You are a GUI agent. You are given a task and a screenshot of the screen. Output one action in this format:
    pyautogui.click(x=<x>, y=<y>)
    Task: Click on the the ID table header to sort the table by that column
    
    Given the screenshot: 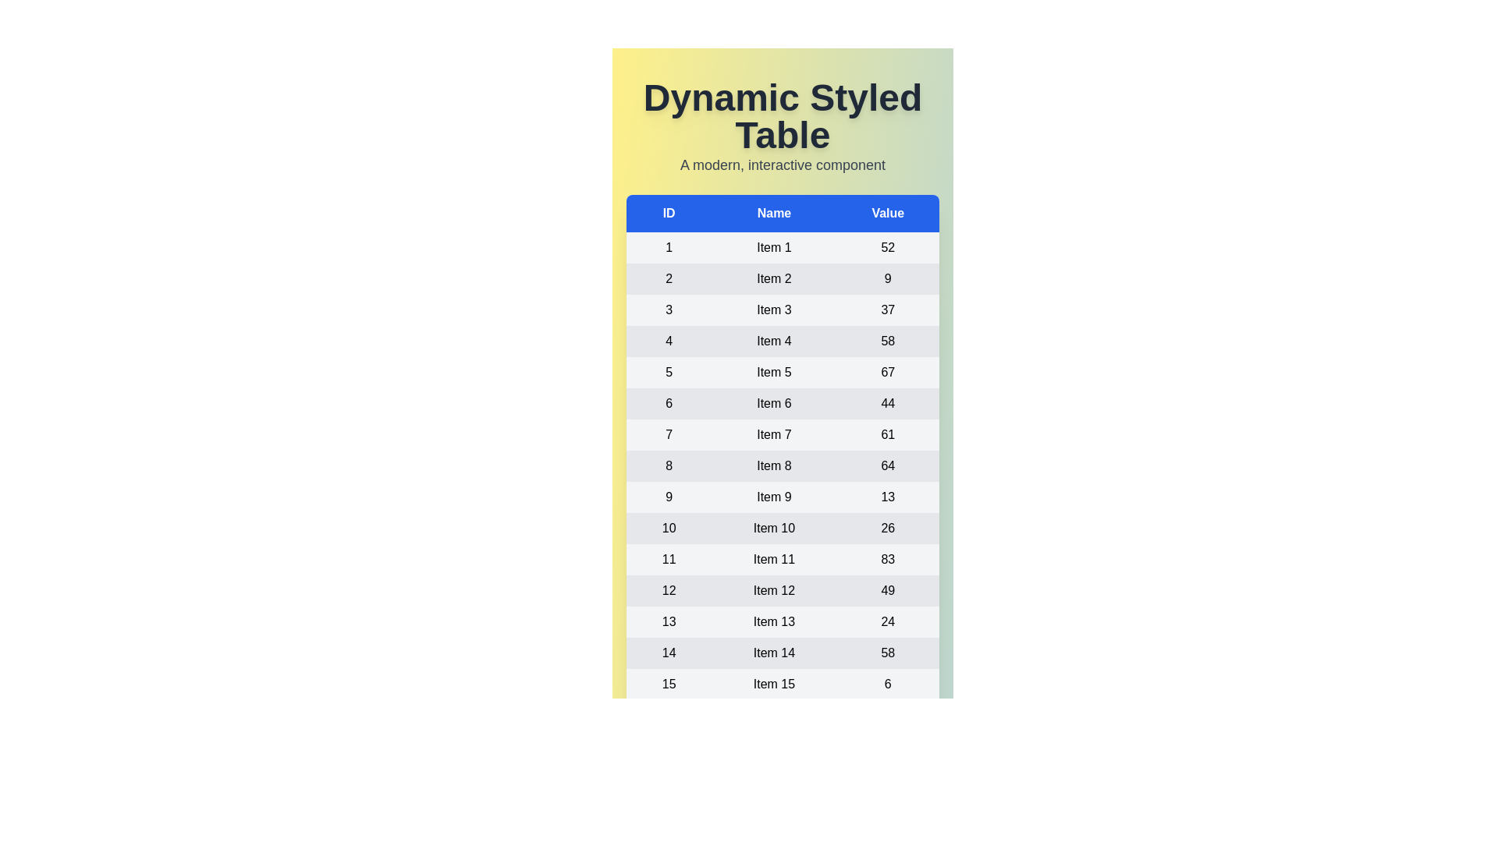 What is the action you would take?
    pyautogui.click(x=669, y=213)
    